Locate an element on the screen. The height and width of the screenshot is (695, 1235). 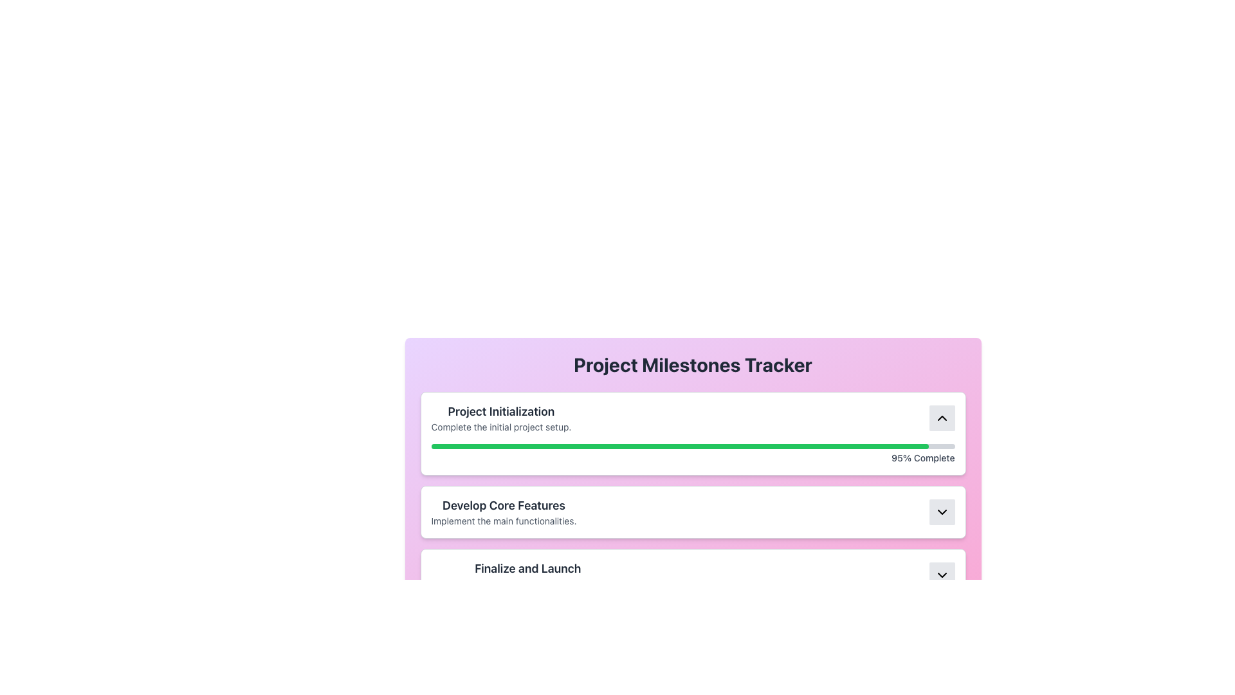
the text label that reads 'Complete the initial project setup', which is located directly beneath the title 'Project Initialization' is located at coordinates (500, 427).